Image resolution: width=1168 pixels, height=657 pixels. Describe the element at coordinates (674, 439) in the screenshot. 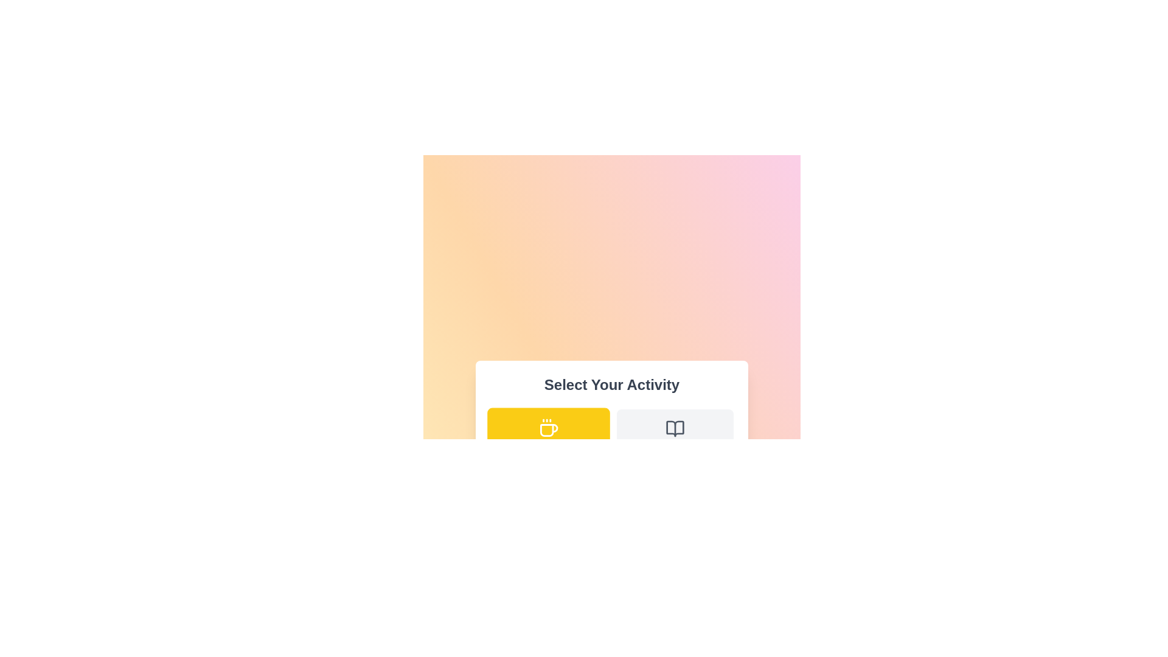

I see `the 'Reading' button styled as a tile or card located in the upper-right corner of the grid layout` at that location.